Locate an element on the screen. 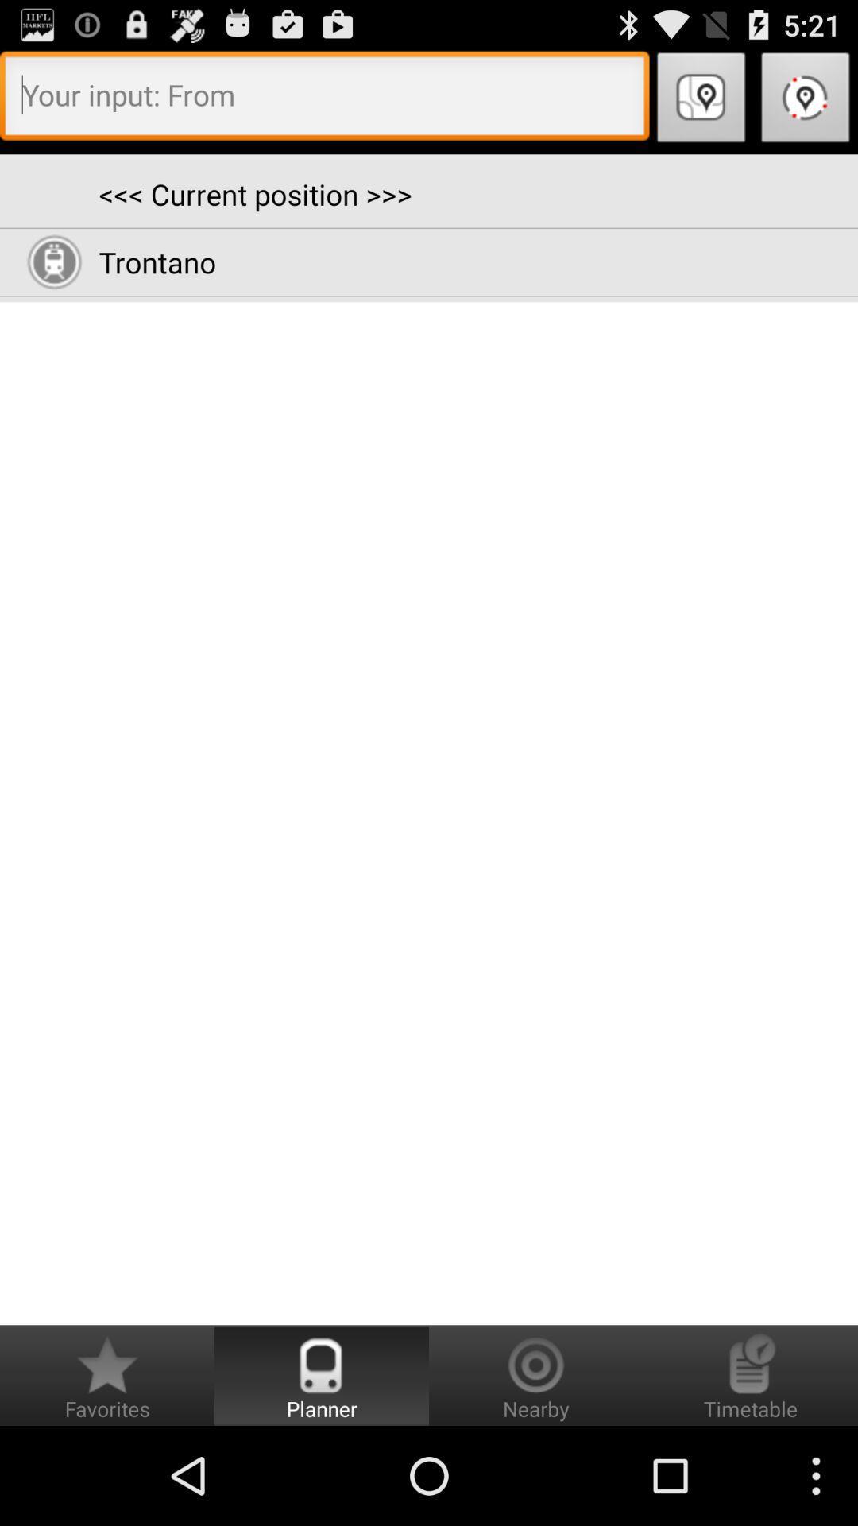  the location icon is located at coordinates (701, 108).